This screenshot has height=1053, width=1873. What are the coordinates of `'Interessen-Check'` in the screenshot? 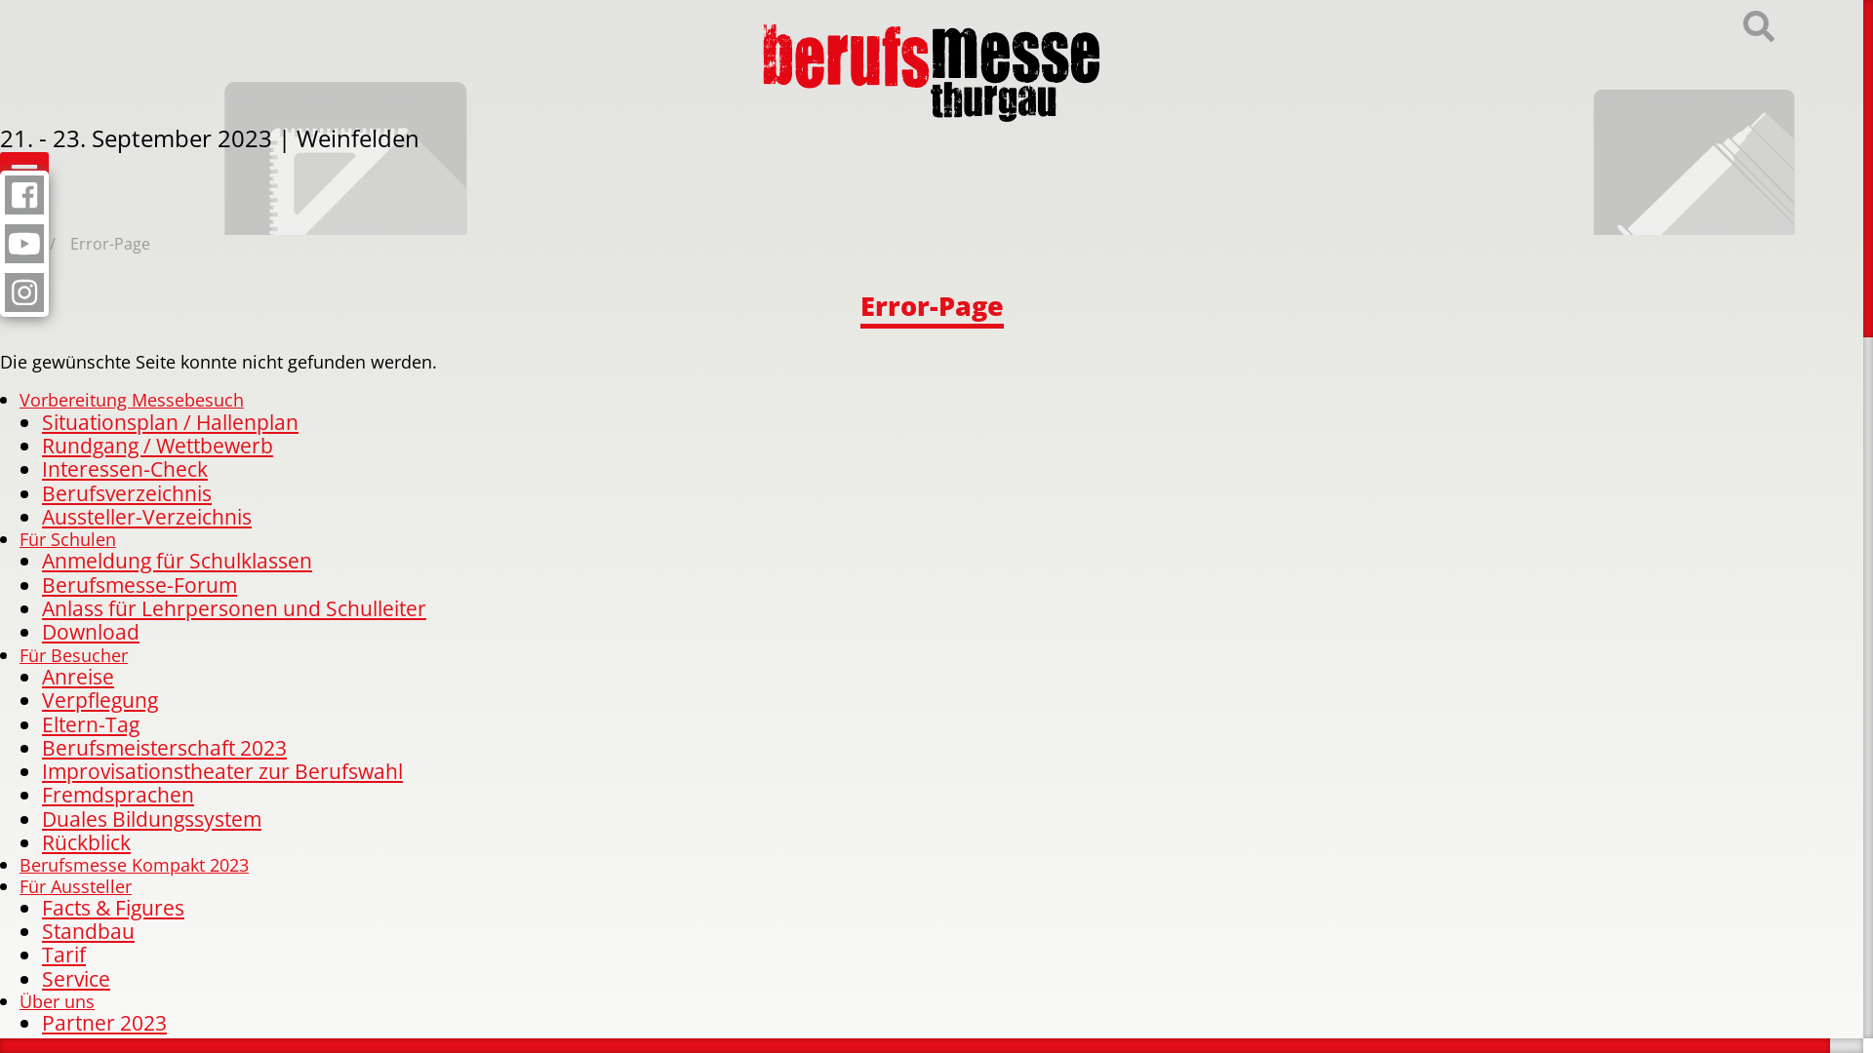 It's located at (124, 468).